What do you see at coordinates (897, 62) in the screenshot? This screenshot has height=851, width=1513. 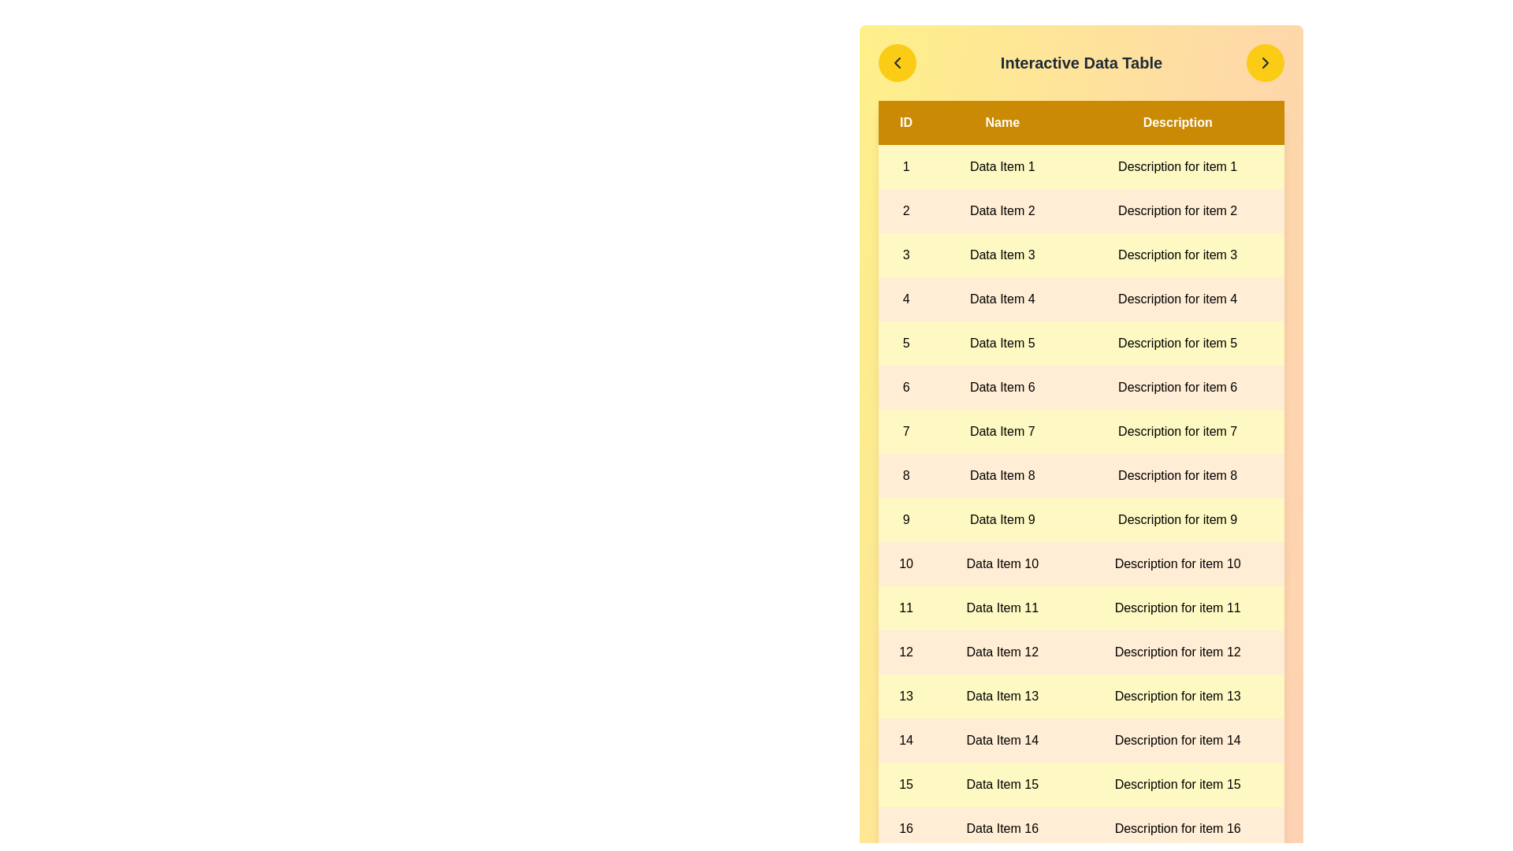 I see `left navigation button to navigate to the previous page of the table` at bounding box center [897, 62].